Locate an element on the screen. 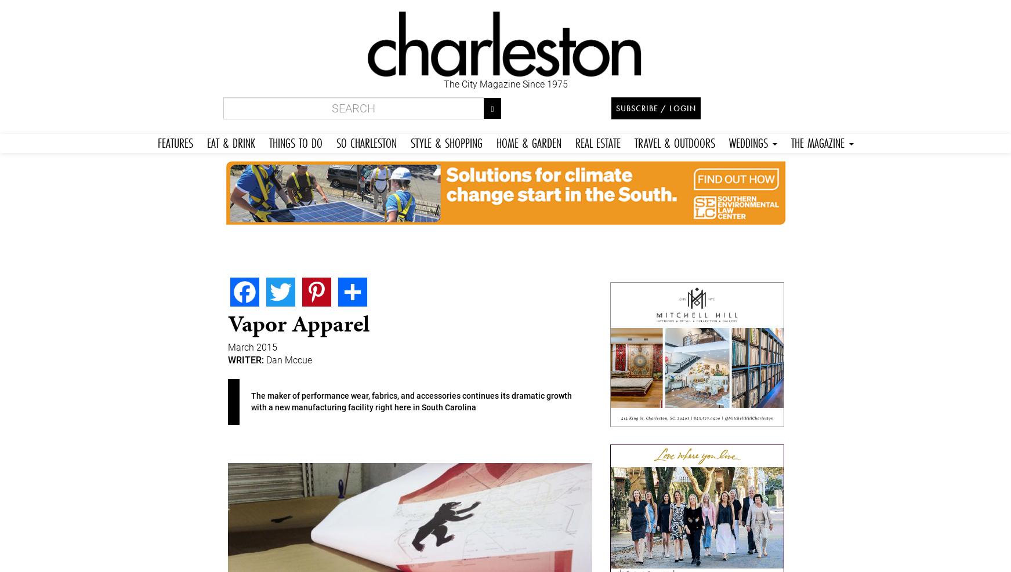  'HOME & GARDEN' is located at coordinates (528, 142).